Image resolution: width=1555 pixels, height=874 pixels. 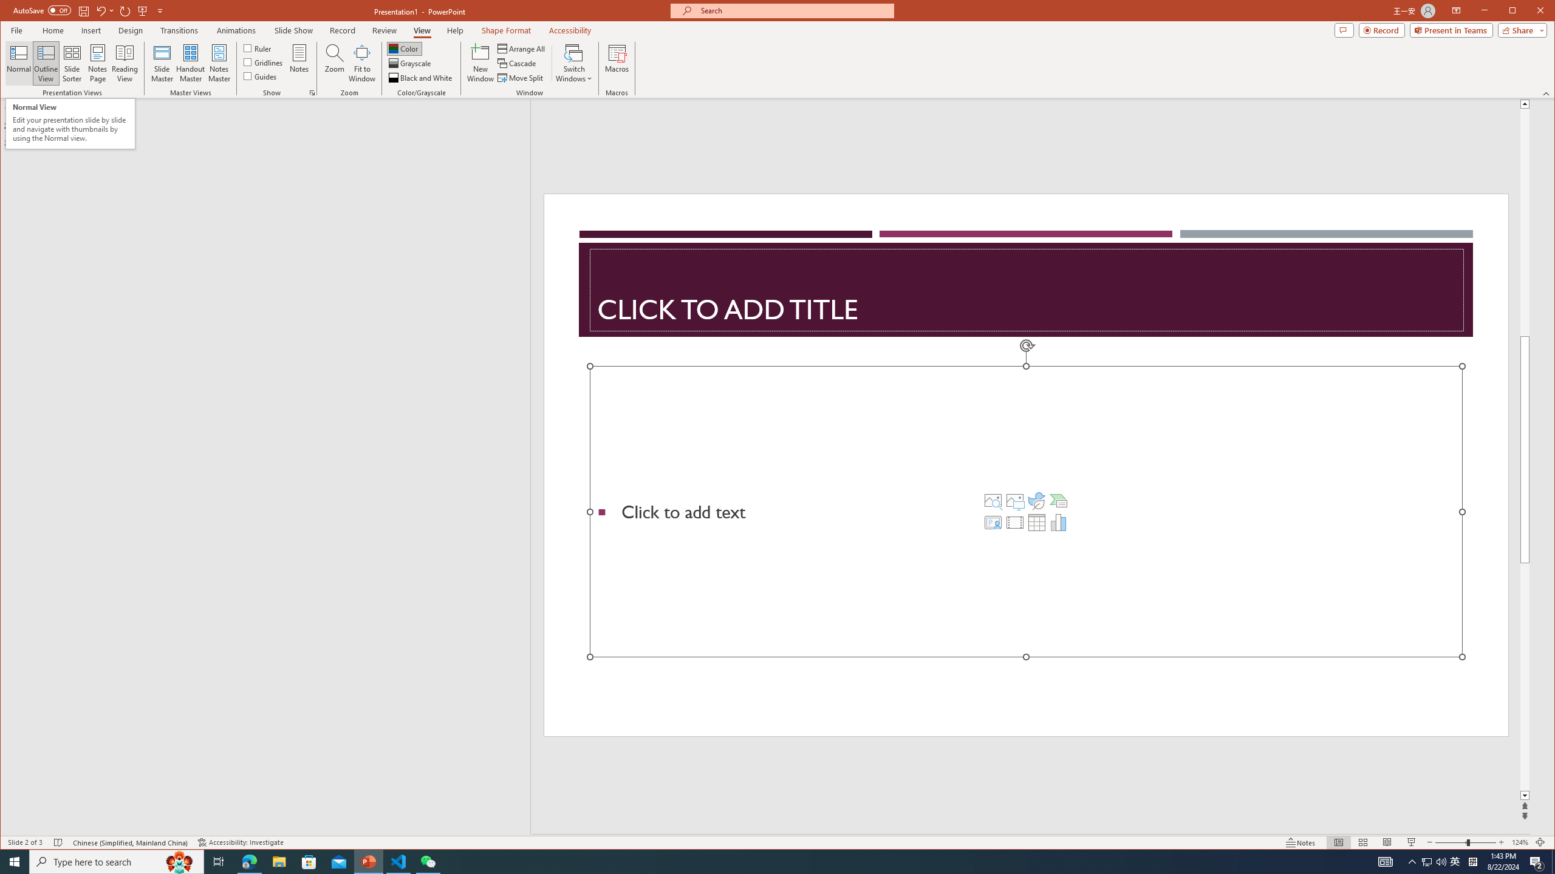 I want to click on 'Handout Master', so click(x=190, y=63).